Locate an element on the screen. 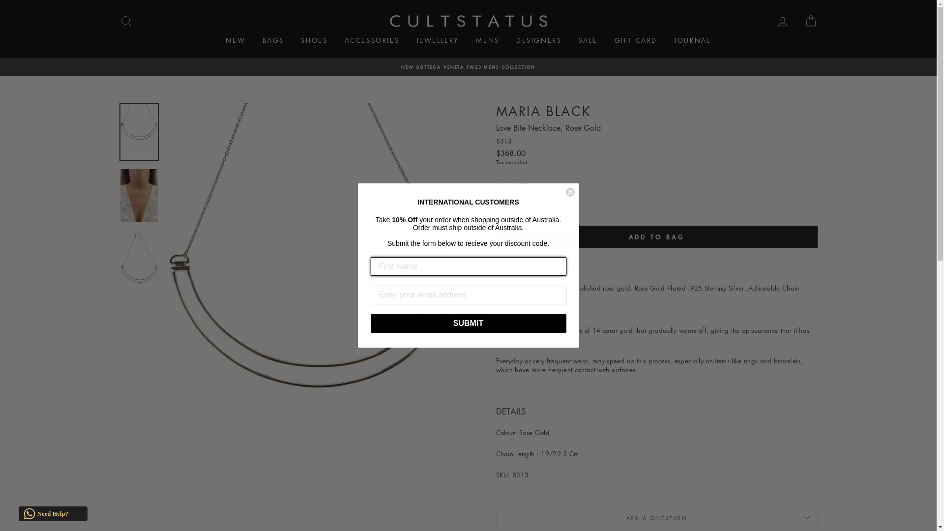 The image size is (944, 531). 'MARIA BLACK' is located at coordinates (542, 111).